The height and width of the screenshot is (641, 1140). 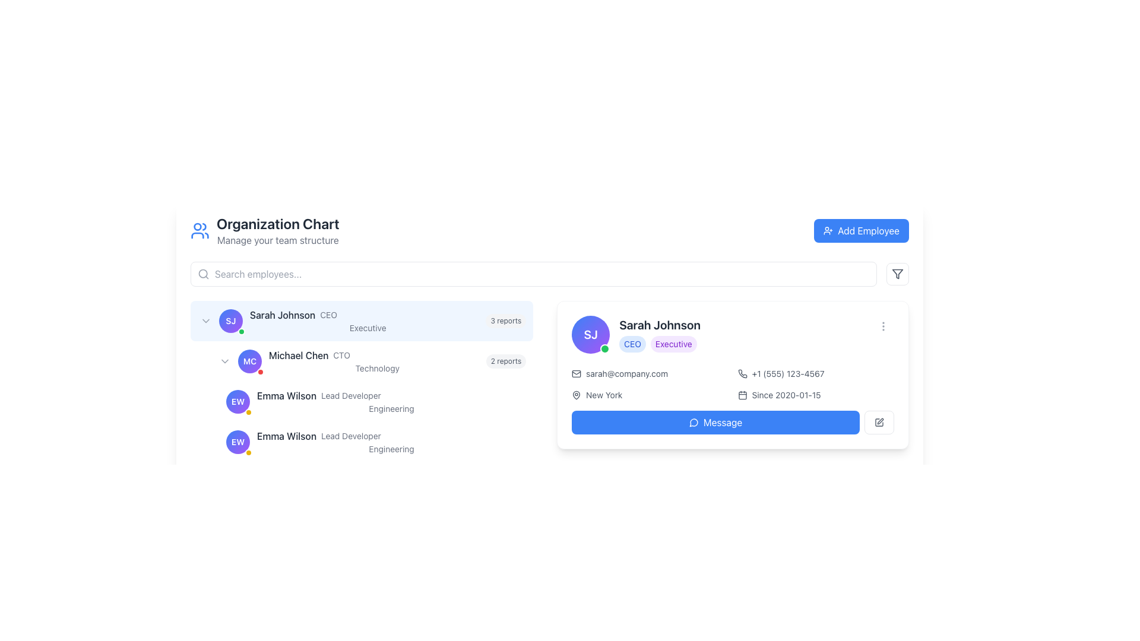 I want to click on the circular profile icon representing 'Emma Wilson', so click(x=237, y=401).